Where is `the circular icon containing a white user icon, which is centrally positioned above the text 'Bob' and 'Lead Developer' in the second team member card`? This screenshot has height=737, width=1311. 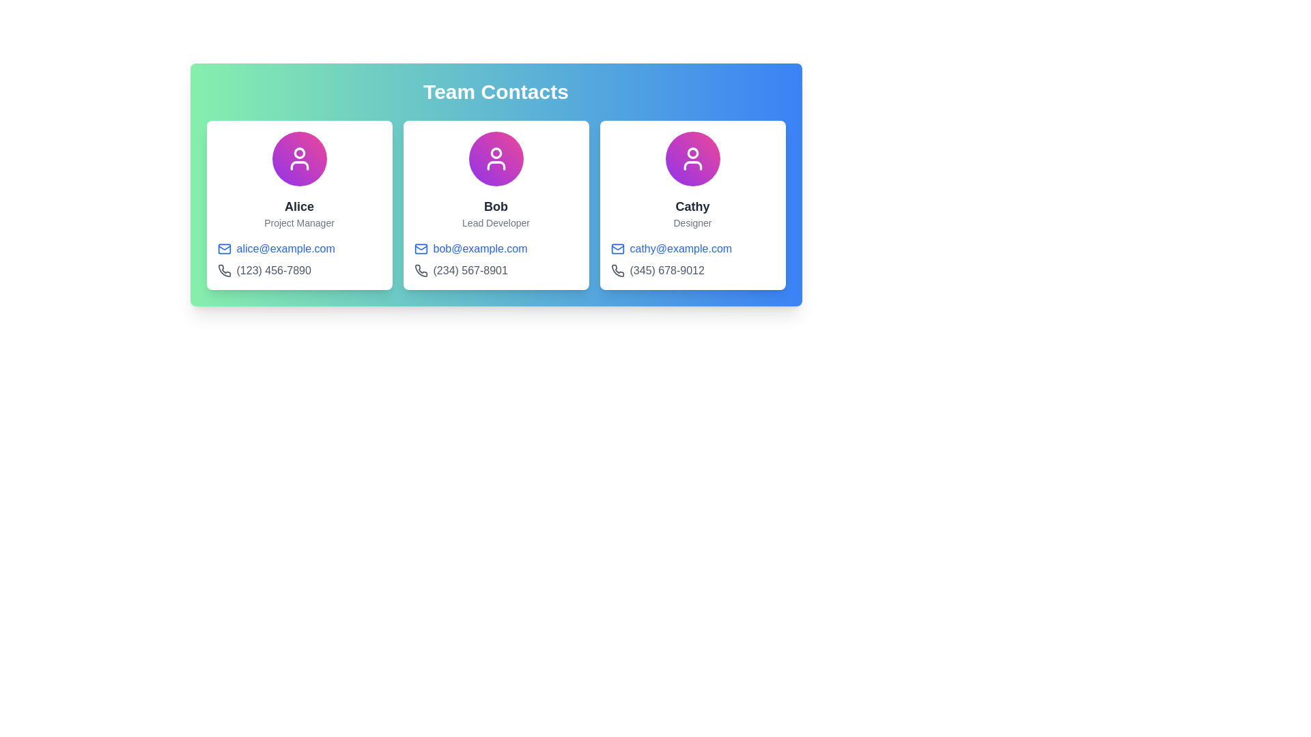 the circular icon containing a white user icon, which is centrally positioned above the text 'Bob' and 'Lead Developer' in the second team member card is located at coordinates (495, 158).